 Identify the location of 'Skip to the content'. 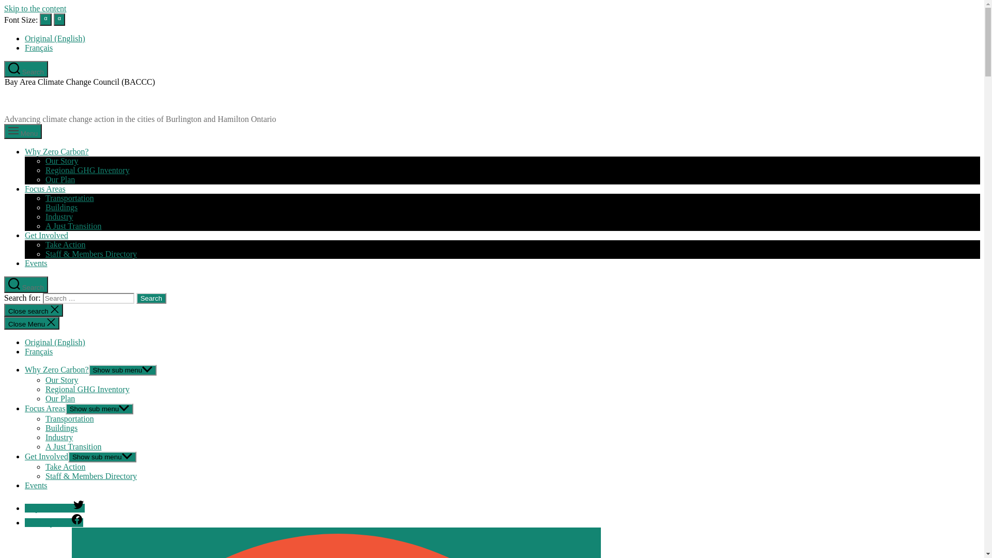
(35, 8).